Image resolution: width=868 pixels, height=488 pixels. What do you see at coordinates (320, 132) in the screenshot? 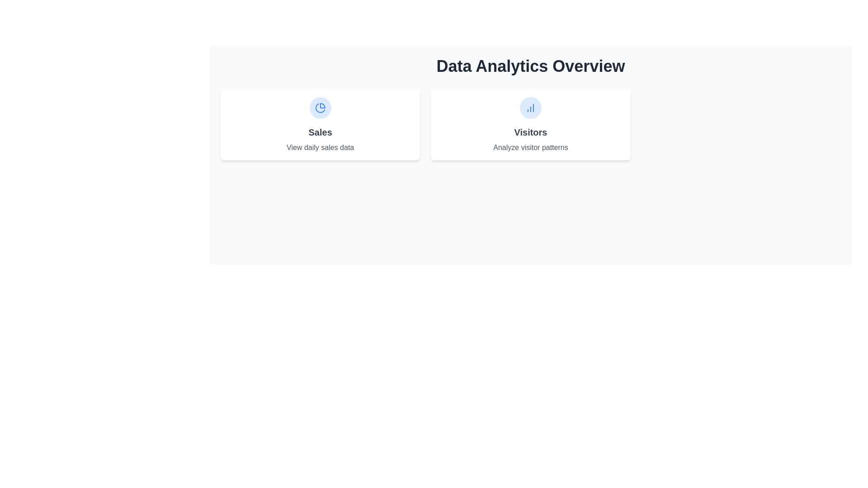
I see `the Text label or title that serves as a heading for the panel, located under the circular icon in the leftmost panel and above the description text 'View daily sales data'` at bounding box center [320, 132].